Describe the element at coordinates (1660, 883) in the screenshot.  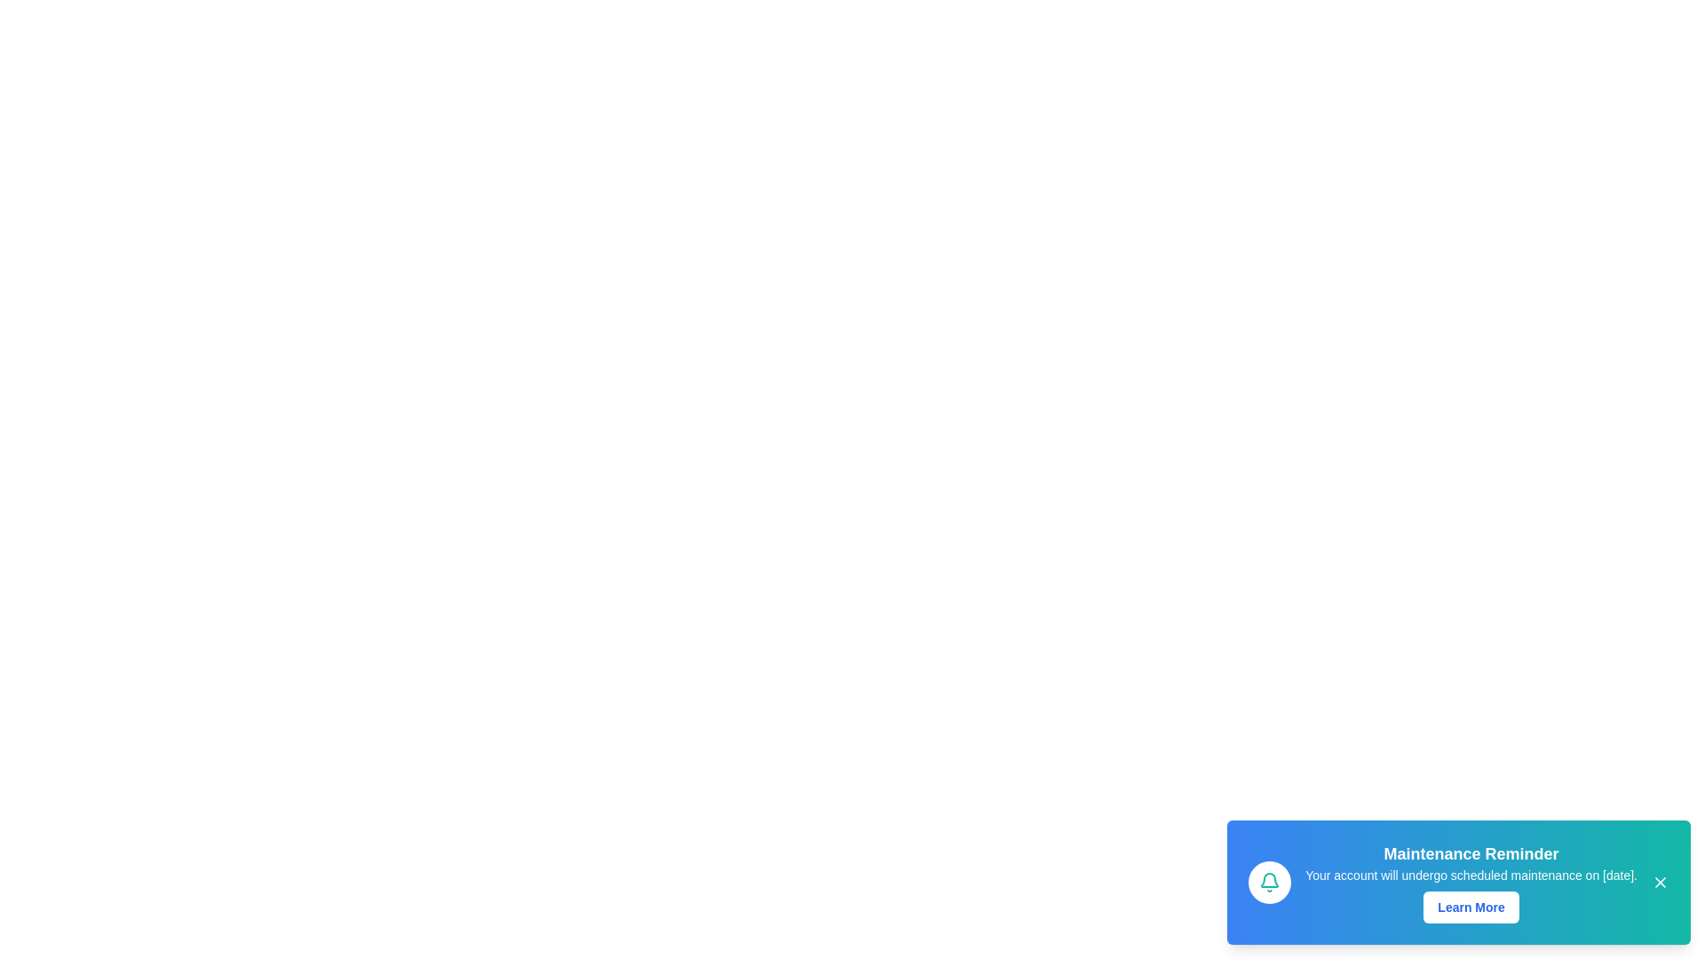
I see `the graphical close icon represented by an 'X' shape in the bottom right corner of the notification box` at that location.